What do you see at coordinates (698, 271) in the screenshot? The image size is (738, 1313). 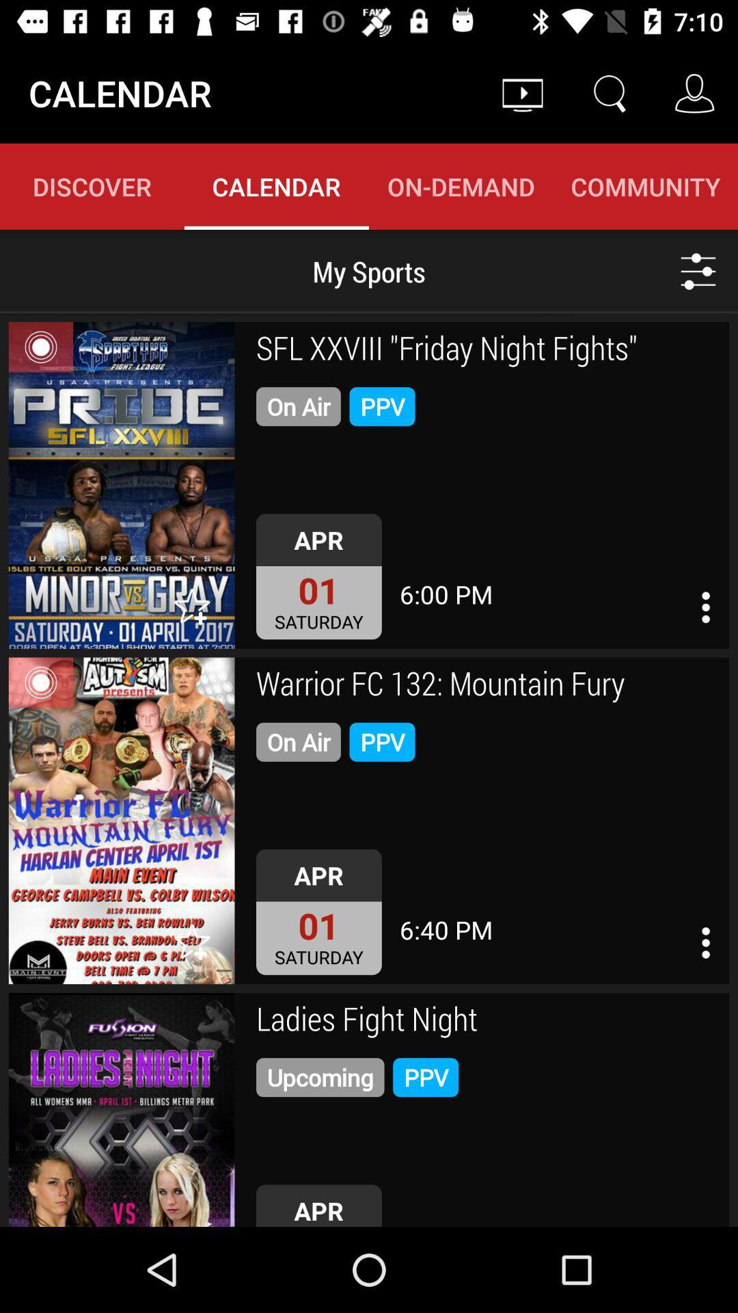 I see `the sliders icon` at bounding box center [698, 271].